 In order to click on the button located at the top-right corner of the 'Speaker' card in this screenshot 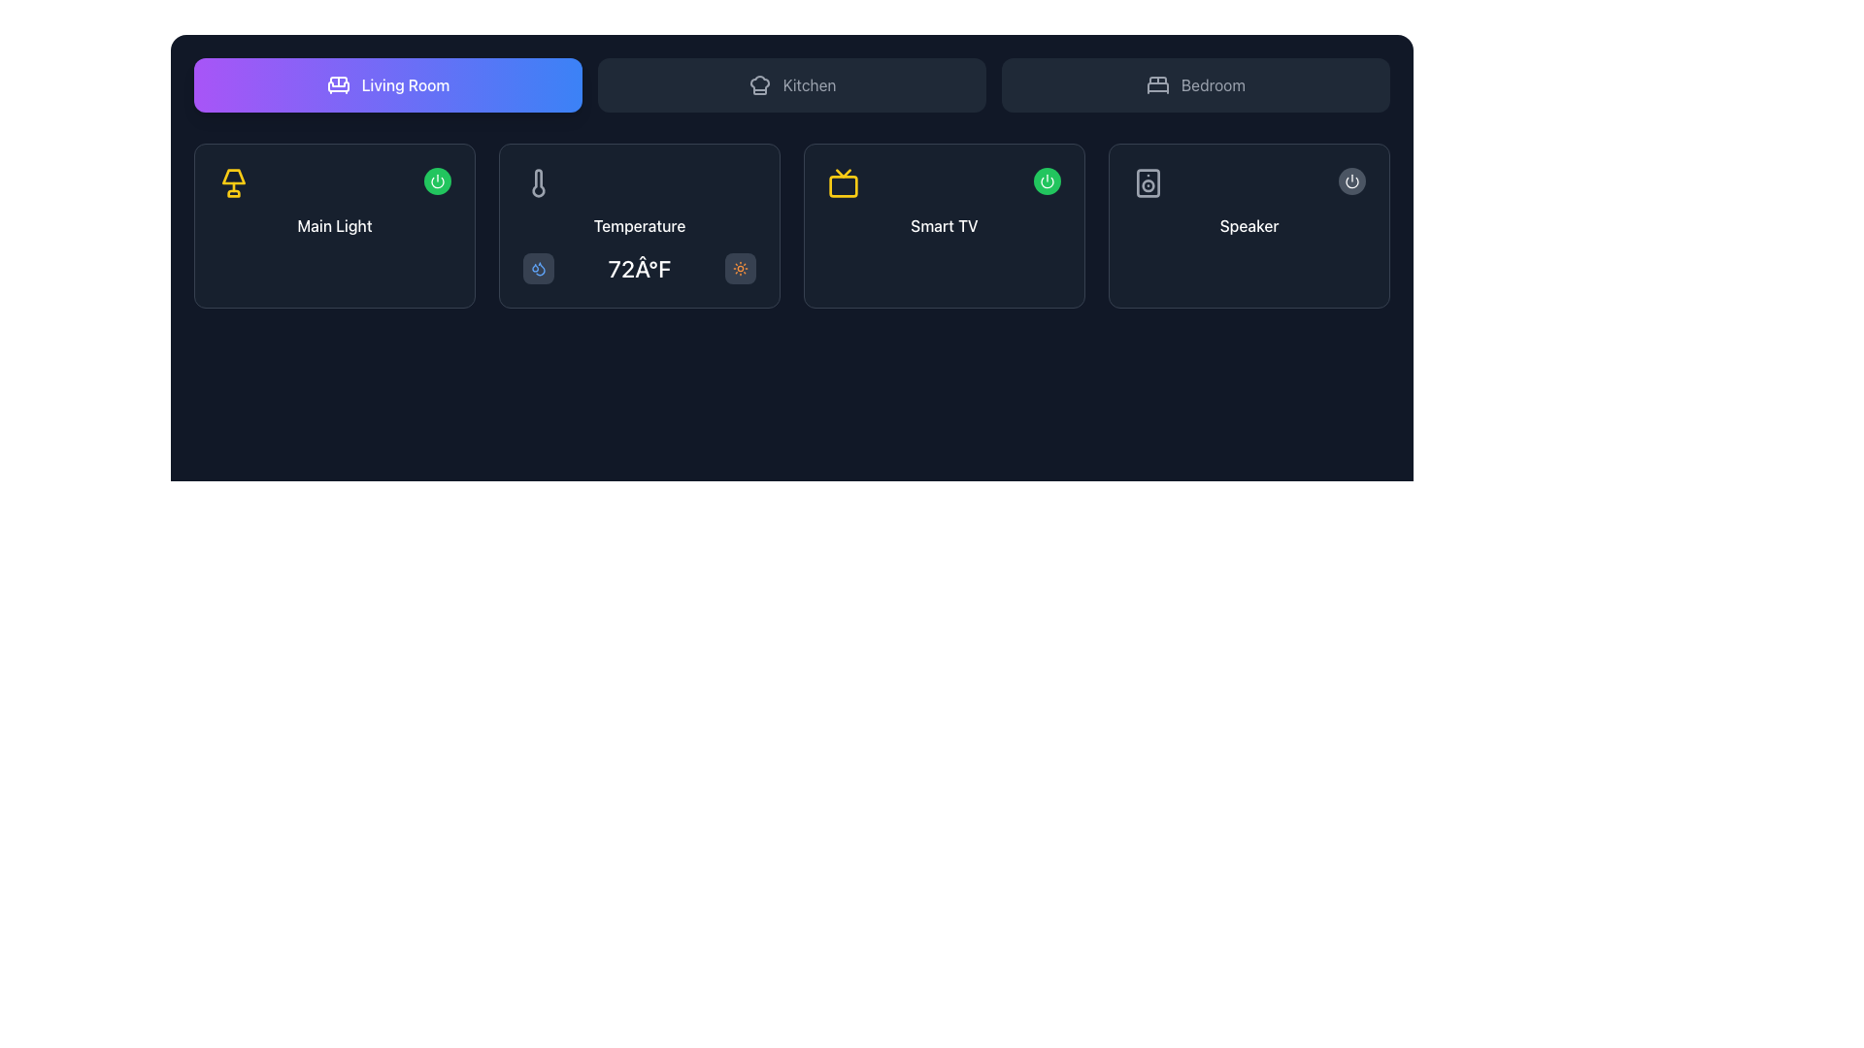, I will do `click(1350, 180)`.